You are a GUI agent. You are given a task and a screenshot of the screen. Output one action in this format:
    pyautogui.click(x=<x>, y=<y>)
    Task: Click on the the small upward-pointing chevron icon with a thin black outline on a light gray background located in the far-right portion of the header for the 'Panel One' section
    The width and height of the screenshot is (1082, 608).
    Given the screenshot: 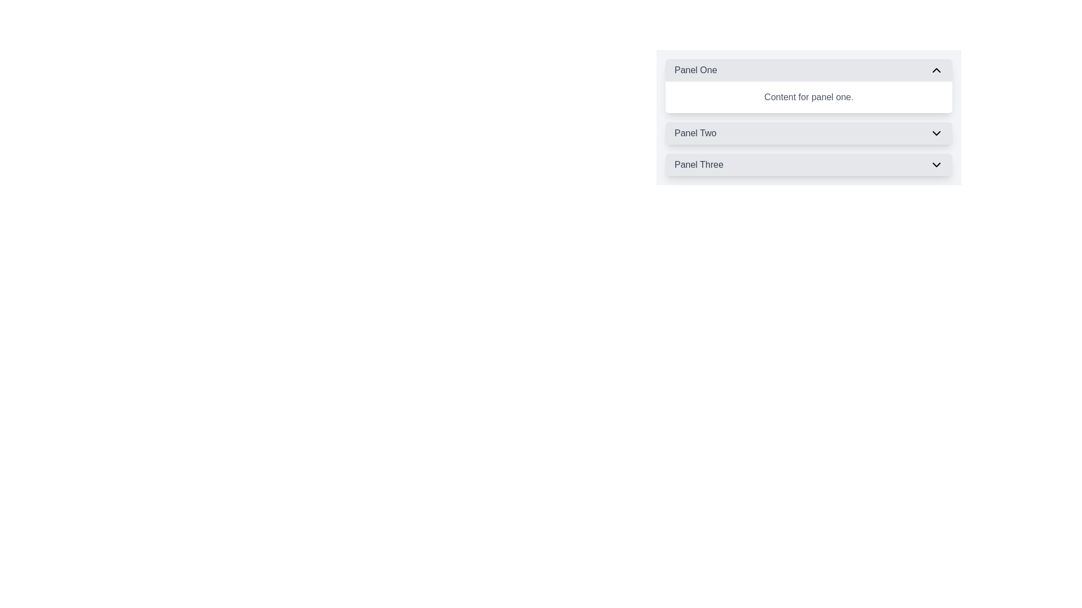 What is the action you would take?
    pyautogui.click(x=936, y=70)
    